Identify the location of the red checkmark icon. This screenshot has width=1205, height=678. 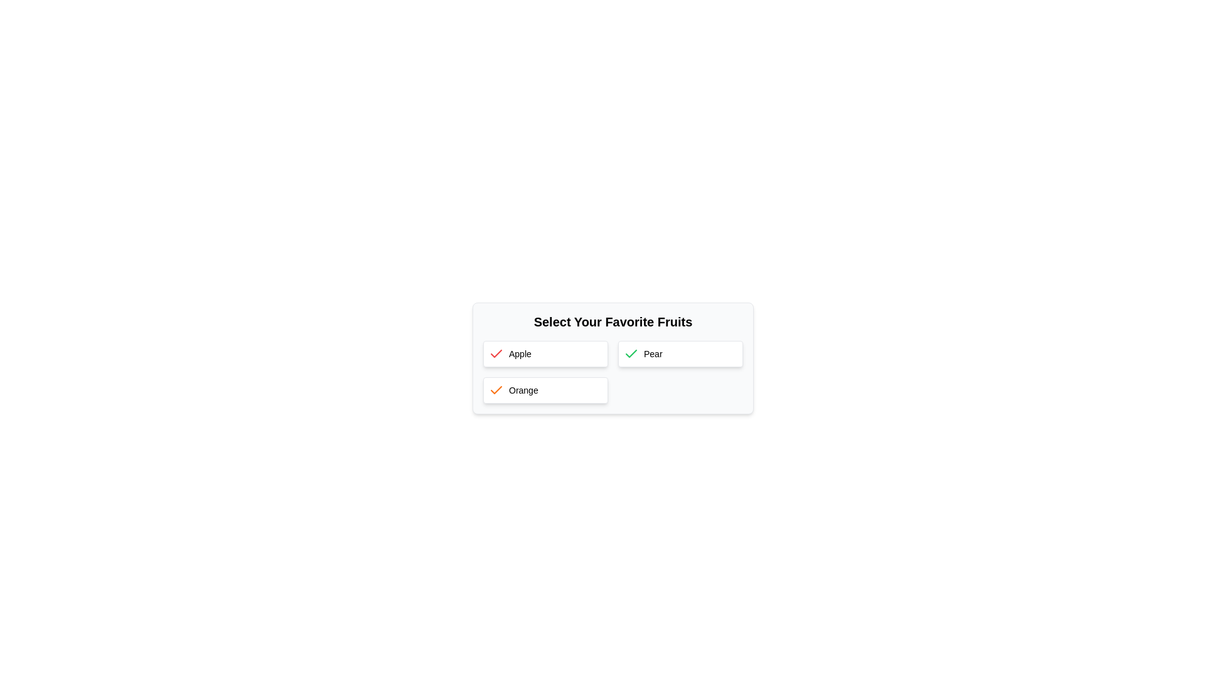
(496, 353).